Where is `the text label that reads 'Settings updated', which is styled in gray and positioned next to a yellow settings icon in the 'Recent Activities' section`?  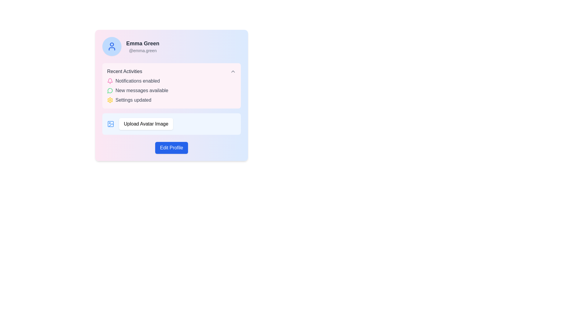
the text label that reads 'Settings updated', which is styled in gray and positioned next to a yellow settings icon in the 'Recent Activities' section is located at coordinates (133, 100).